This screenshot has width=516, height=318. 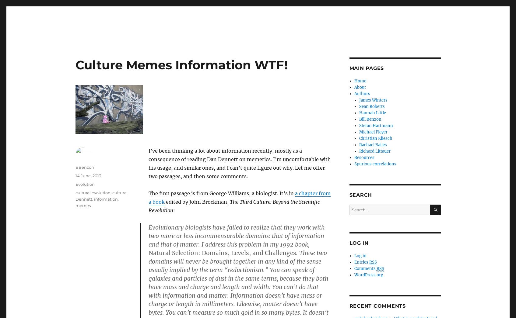 What do you see at coordinates (236, 236) in the screenshot?
I see `'Evolutionary biologists have failed to realize that they work with two more or less incommensurable domains: that of information and that of matter. I address this problem in my 1992 book,'` at bounding box center [236, 236].